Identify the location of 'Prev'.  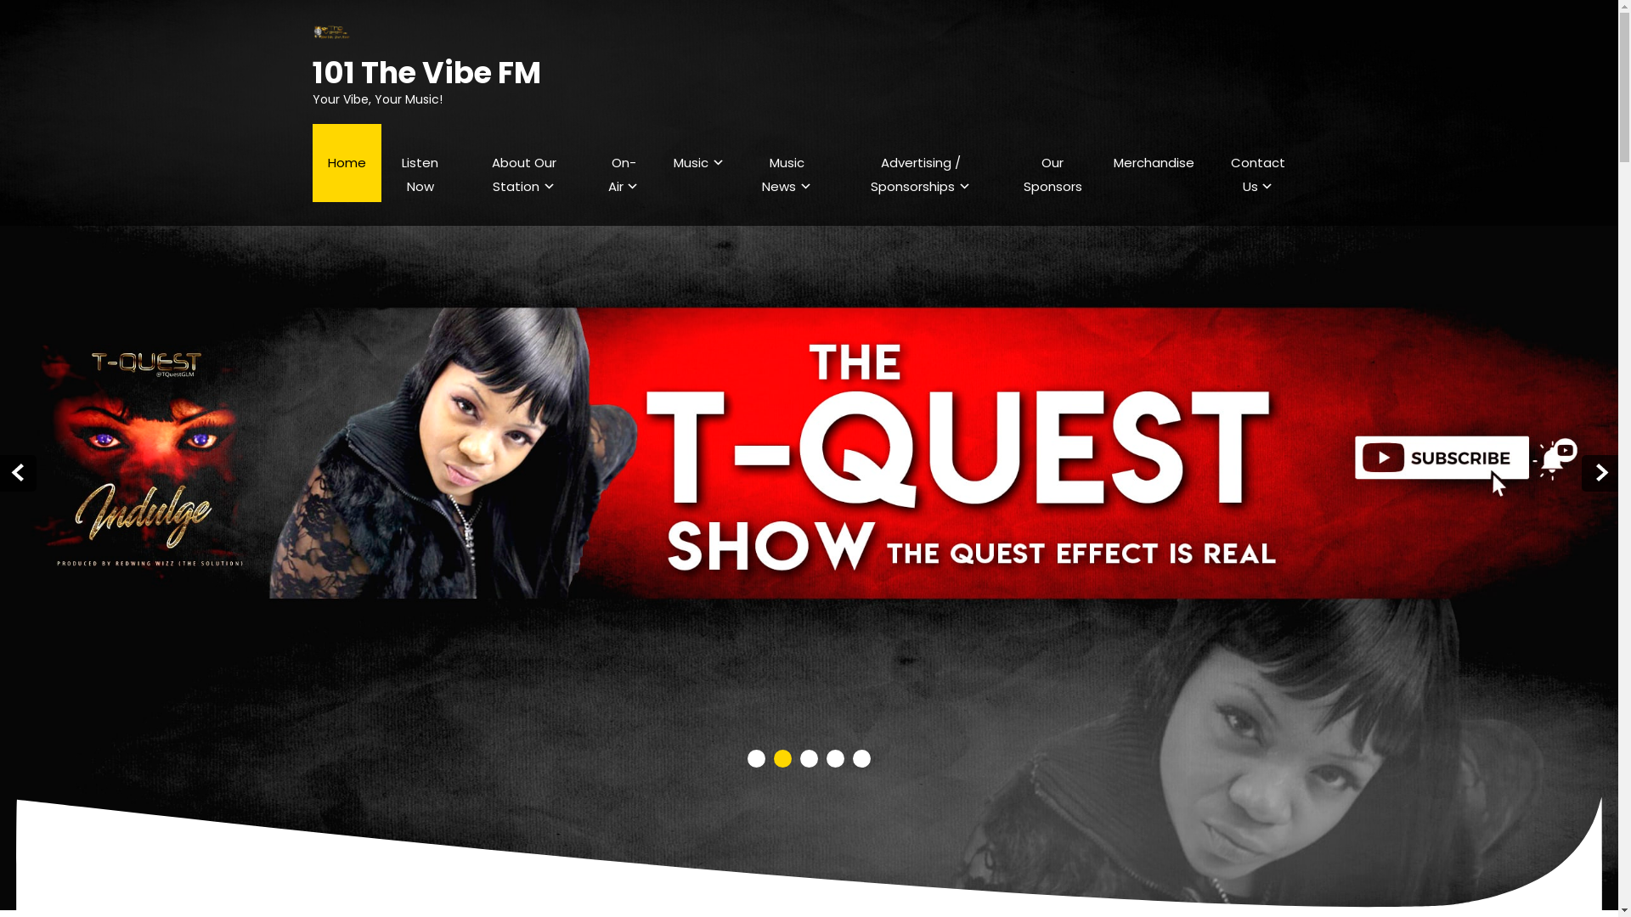
(18, 473).